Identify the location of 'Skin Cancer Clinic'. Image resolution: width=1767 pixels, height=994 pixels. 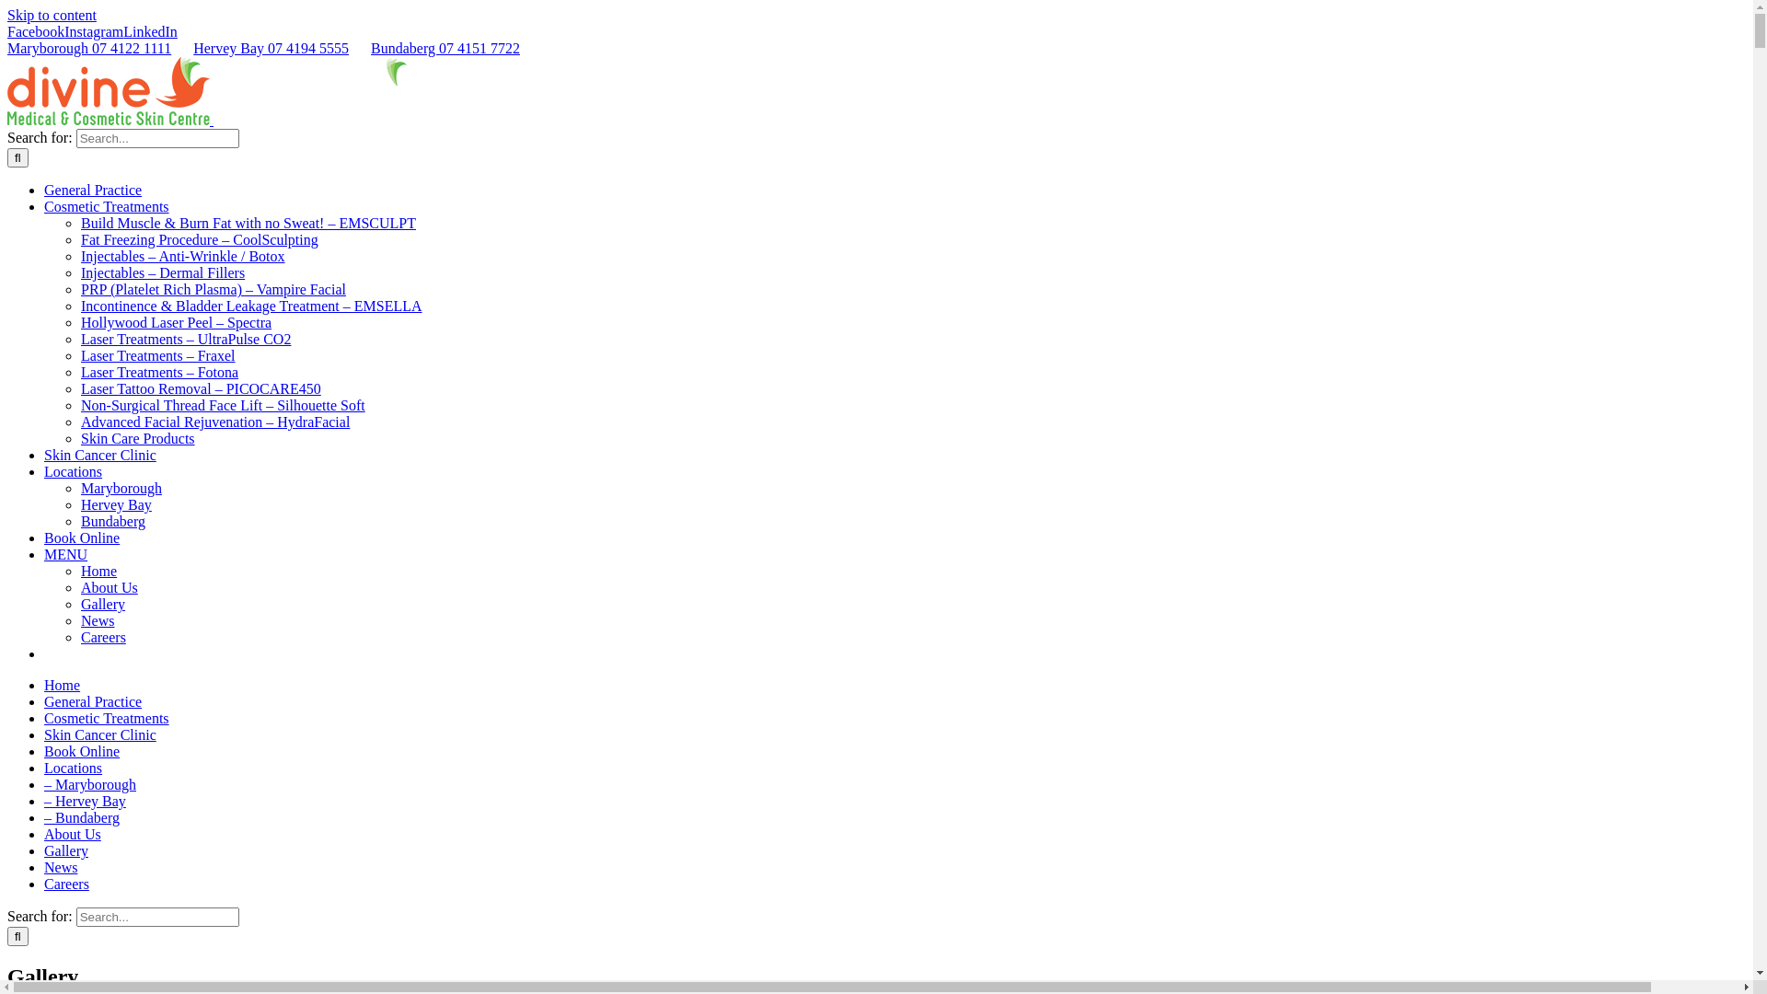
(99, 734).